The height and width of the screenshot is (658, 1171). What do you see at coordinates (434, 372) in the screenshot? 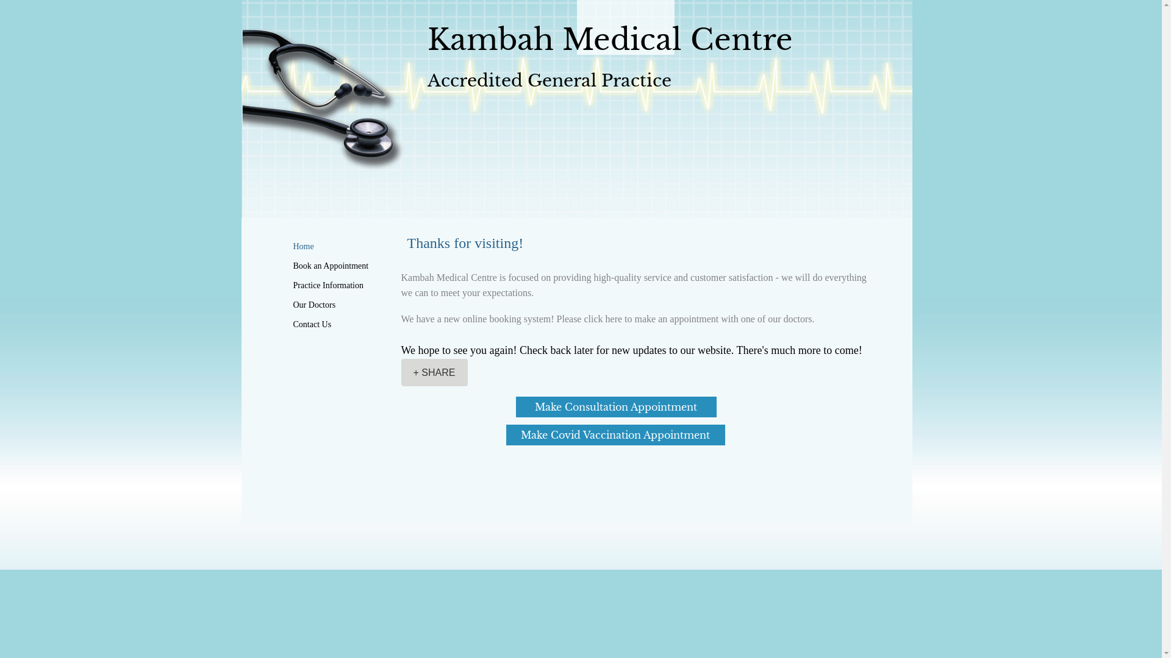
I see `'+ SHARE'` at bounding box center [434, 372].